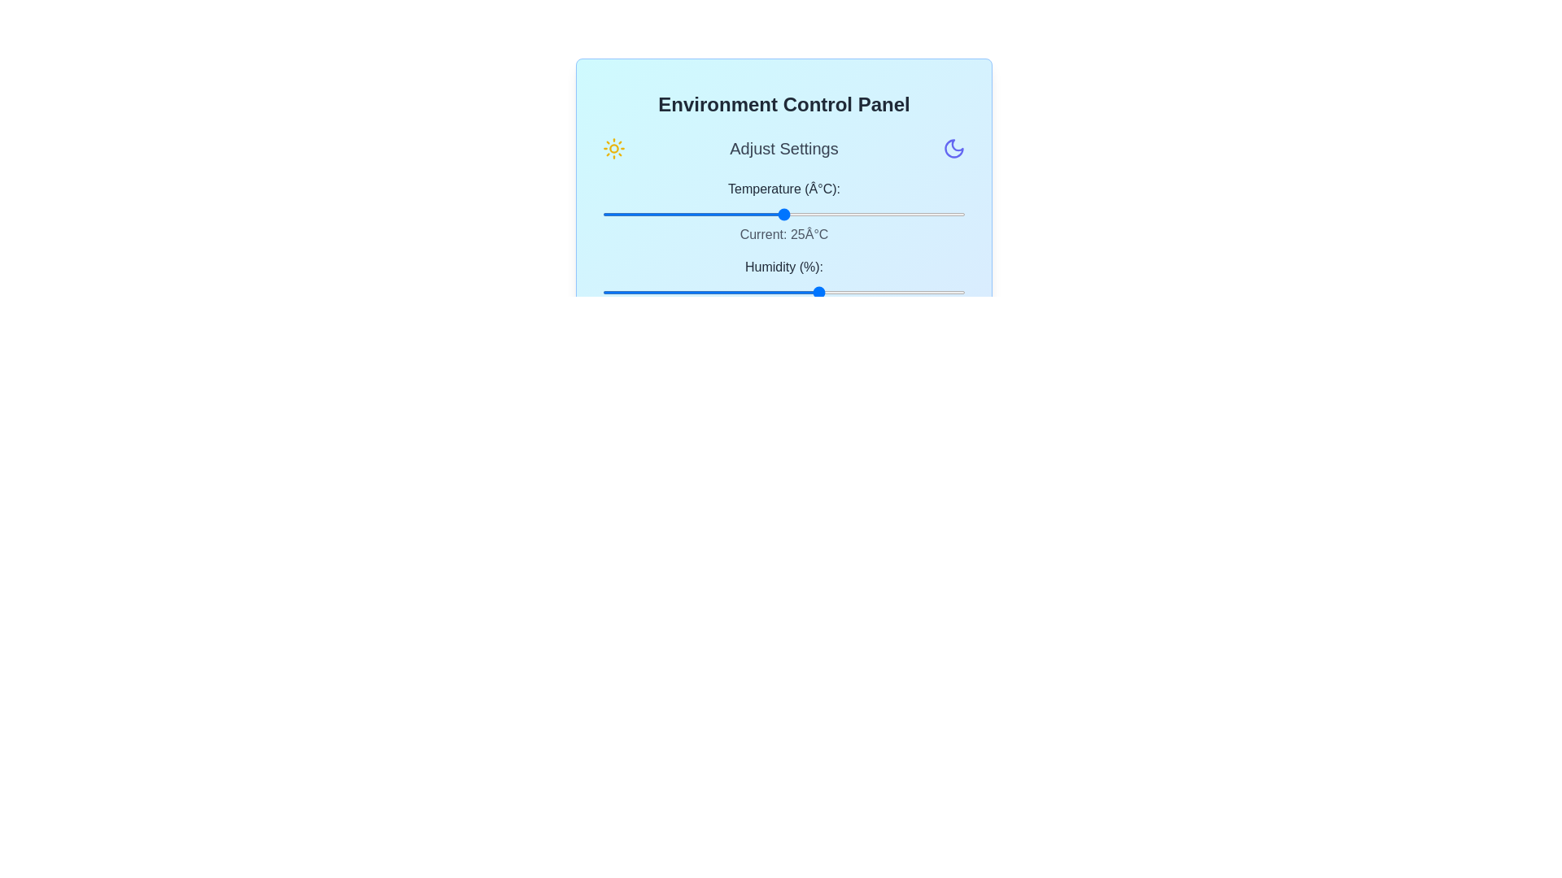  I want to click on the humidity slider to 89%, so click(925, 291).